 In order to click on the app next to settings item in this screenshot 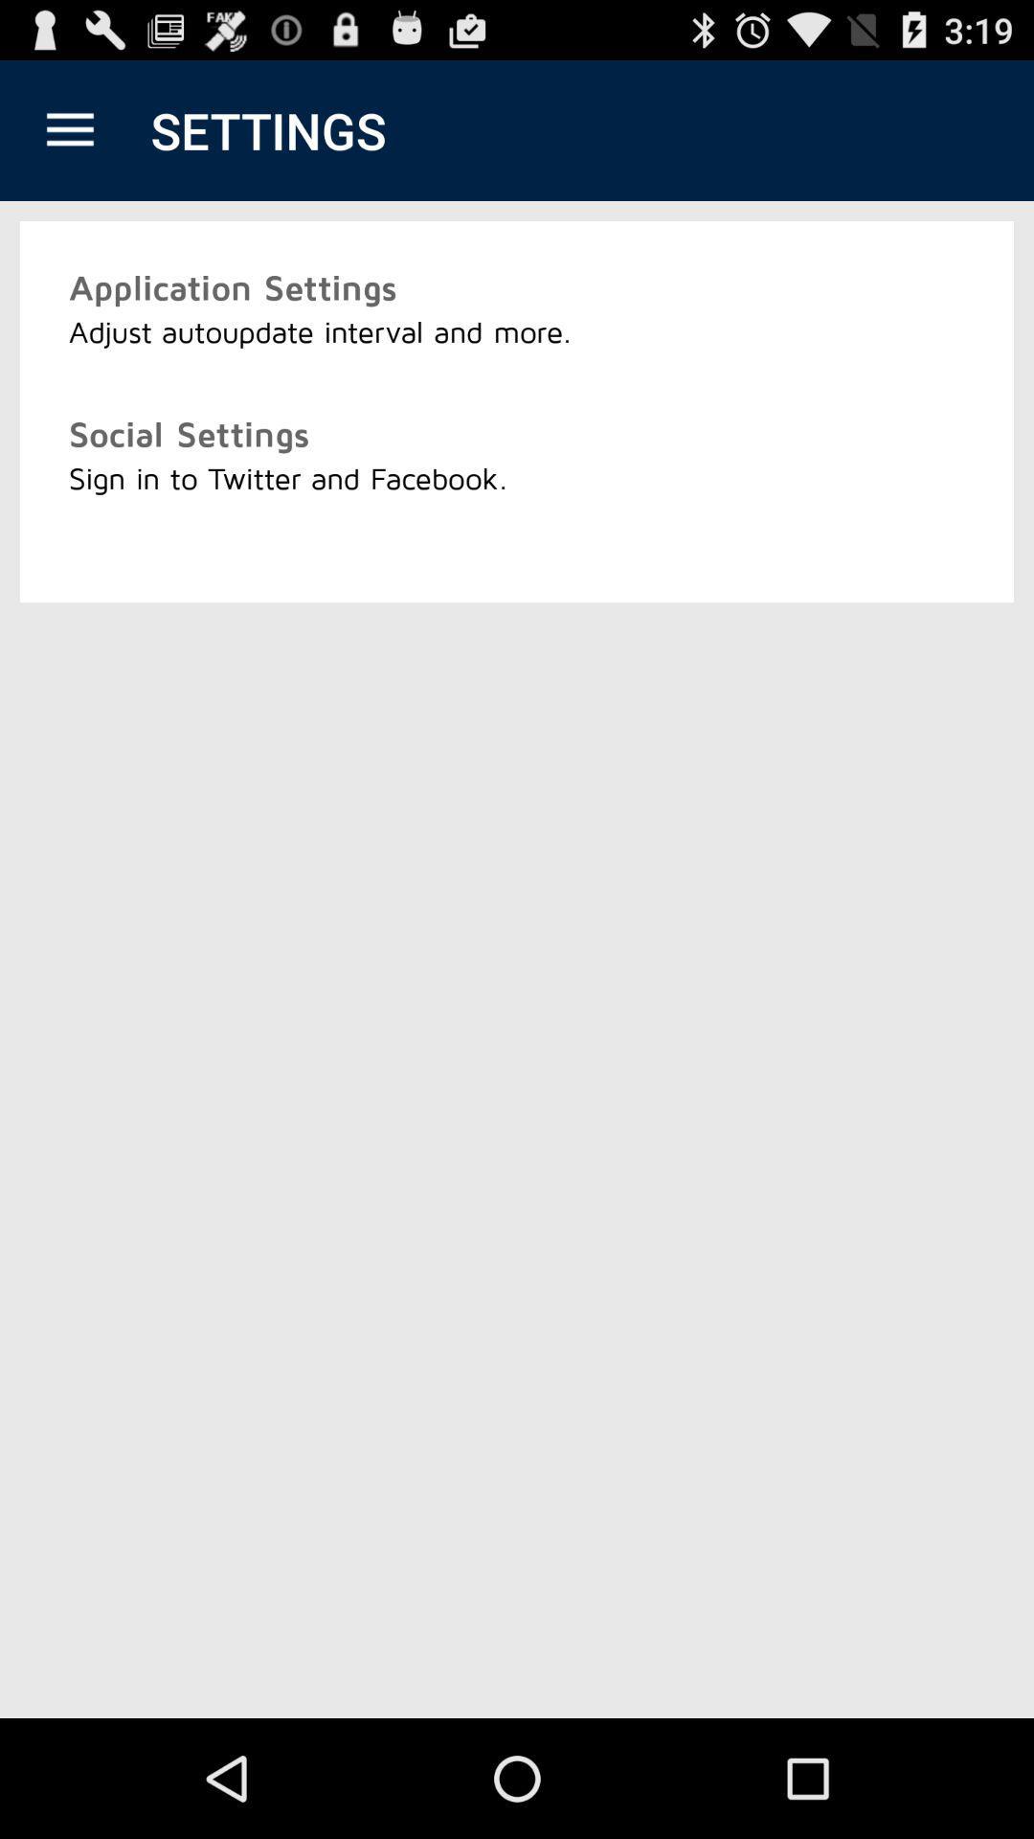, I will do `click(69, 129)`.